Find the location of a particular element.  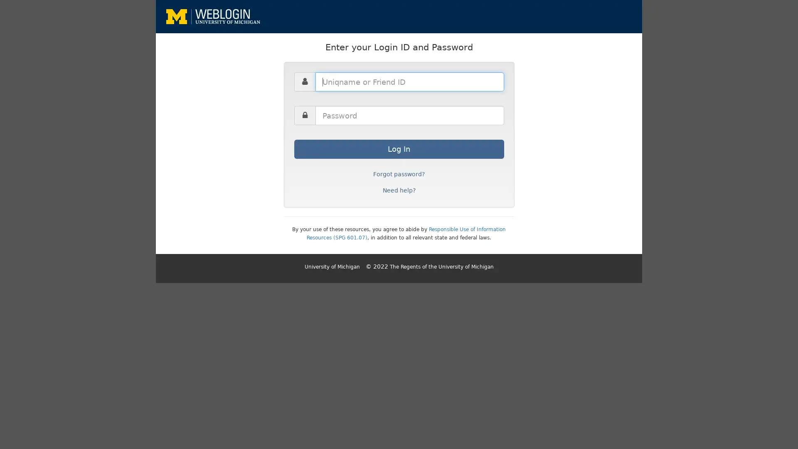

Forgot password? is located at coordinates (398, 174).